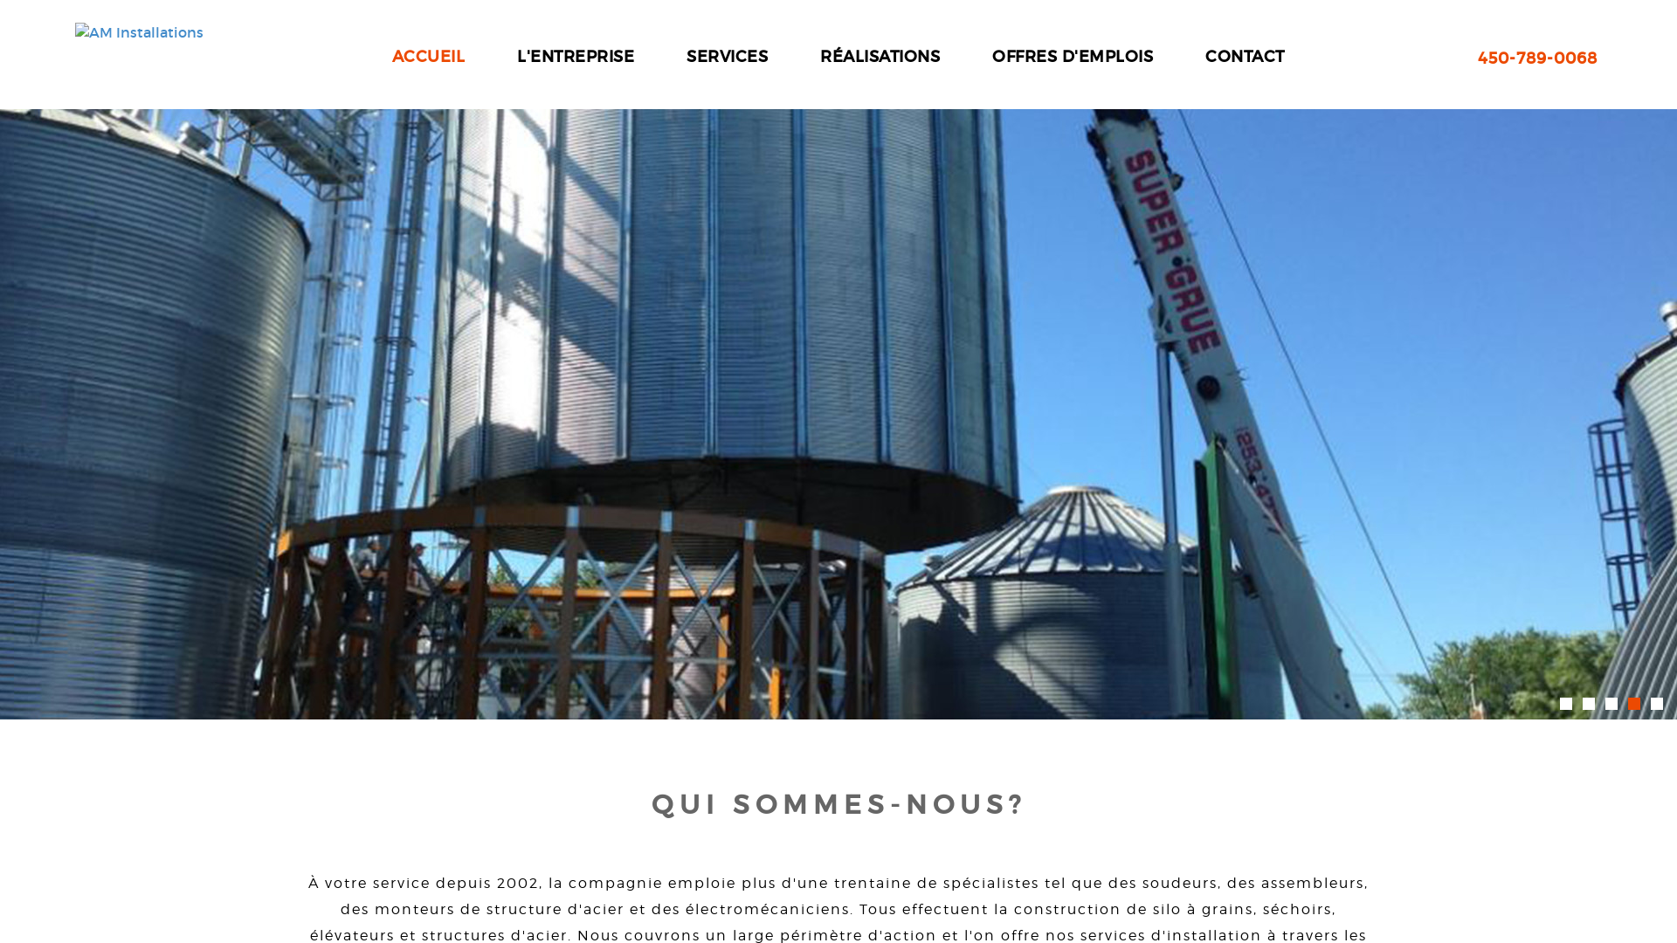 The height and width of the screenshot is (943, 1677). What do you see at coordinates (1626, 703) in the screenshot?
I see `'4'` at bounding box center [1626, 703].